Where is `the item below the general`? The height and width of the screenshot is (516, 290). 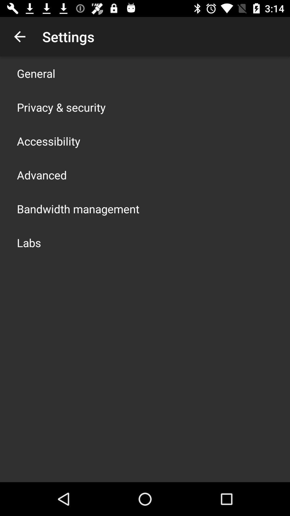 the item below the general is located at coordinates (61, 107).